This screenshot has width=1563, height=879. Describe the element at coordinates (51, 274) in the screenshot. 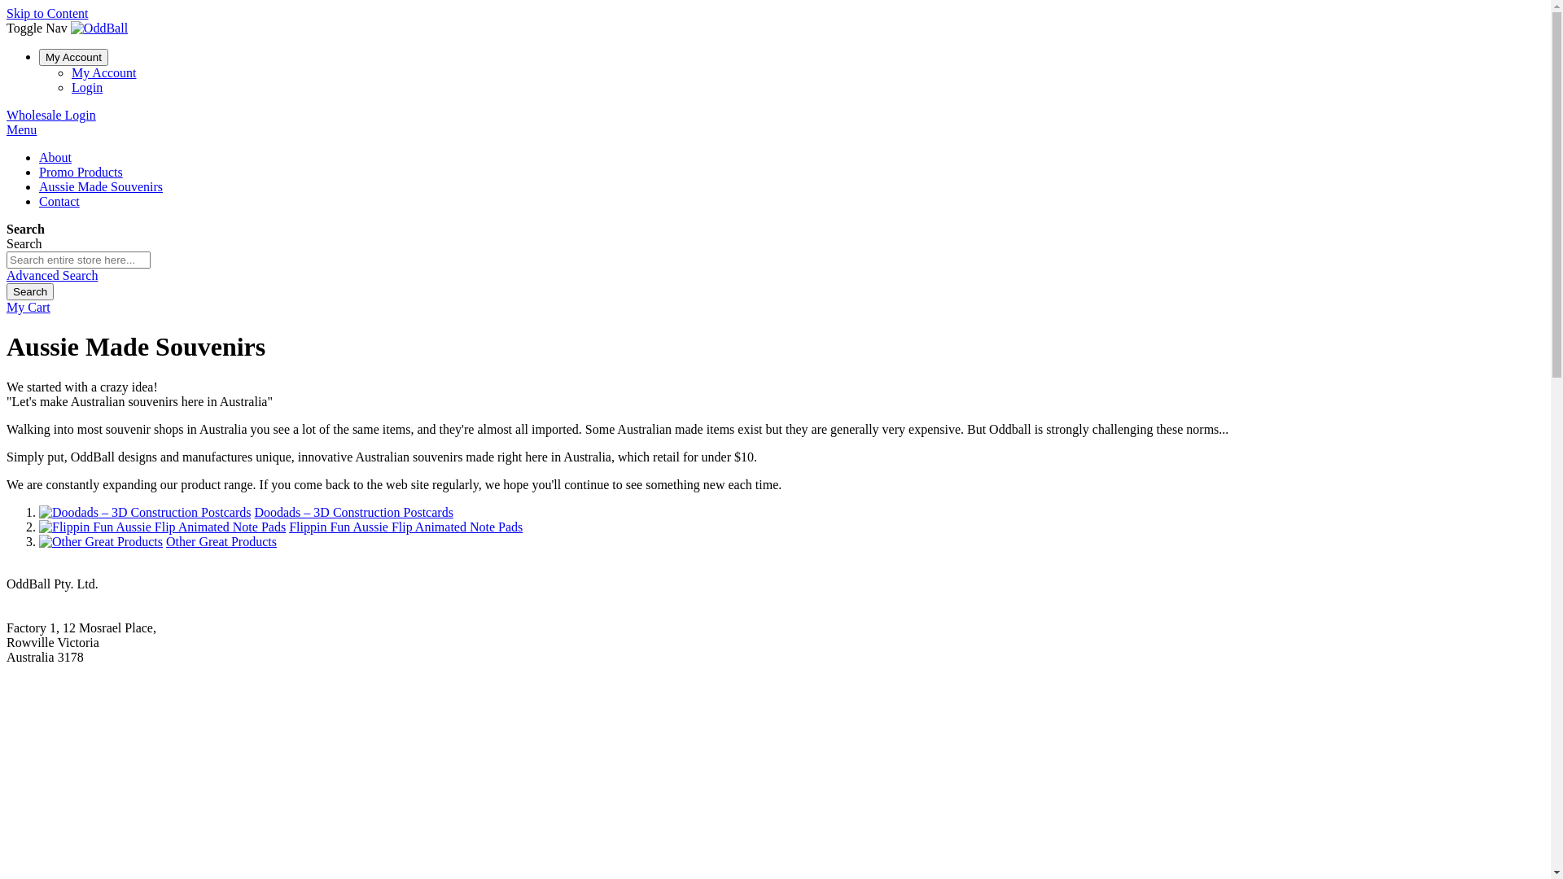

I see `'Advanced Search'` at that location.